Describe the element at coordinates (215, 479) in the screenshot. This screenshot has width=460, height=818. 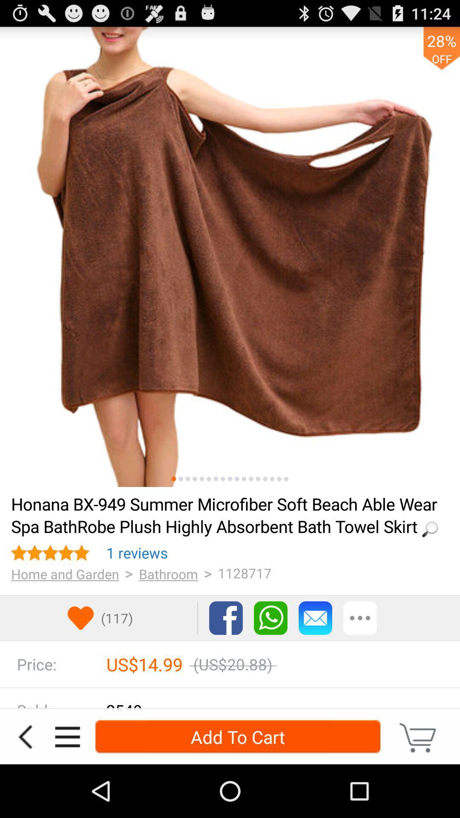
I see `image` at that location.